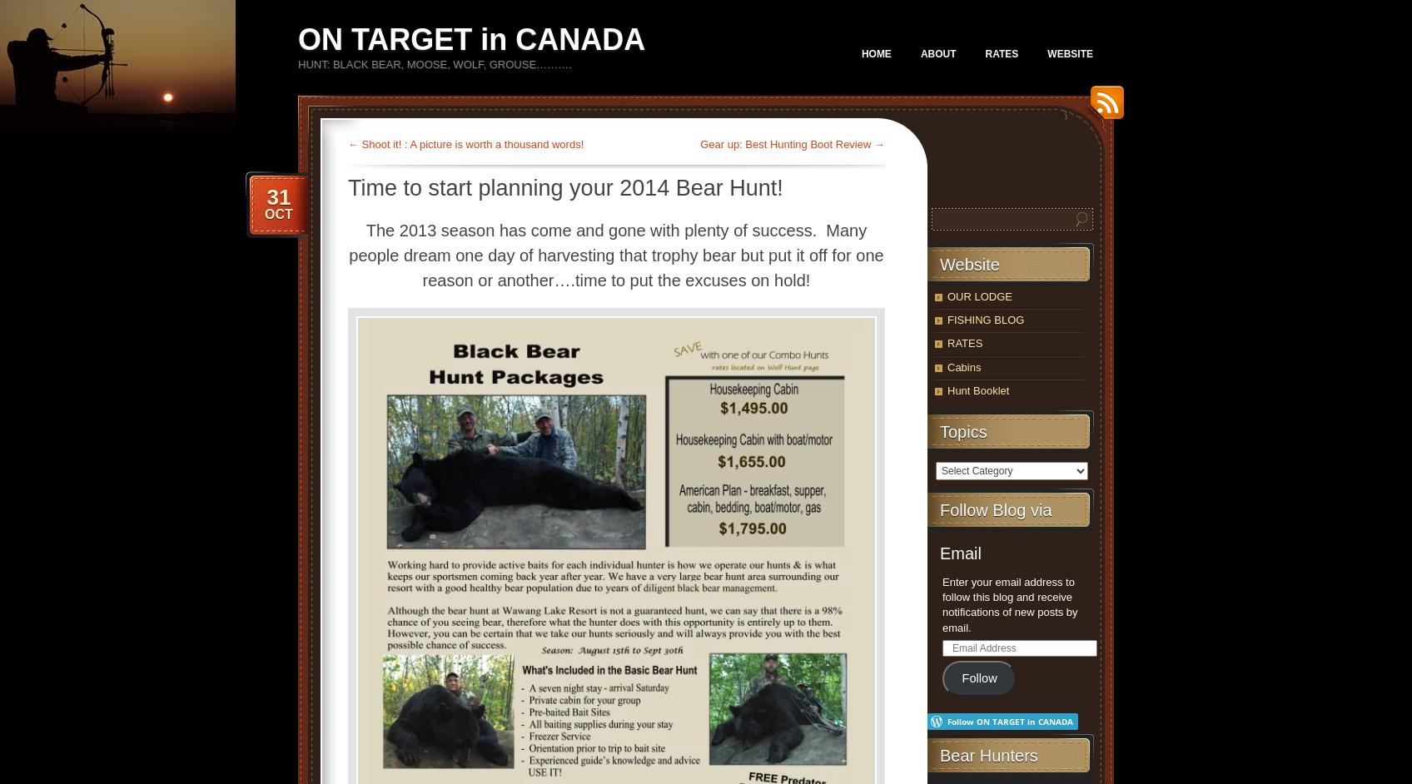 This screenshot has height=784, width=1412. What do you see at coordinates (964, 365) in the screenshot?
I see `'Cabins'` at bounding box center [964, 365].